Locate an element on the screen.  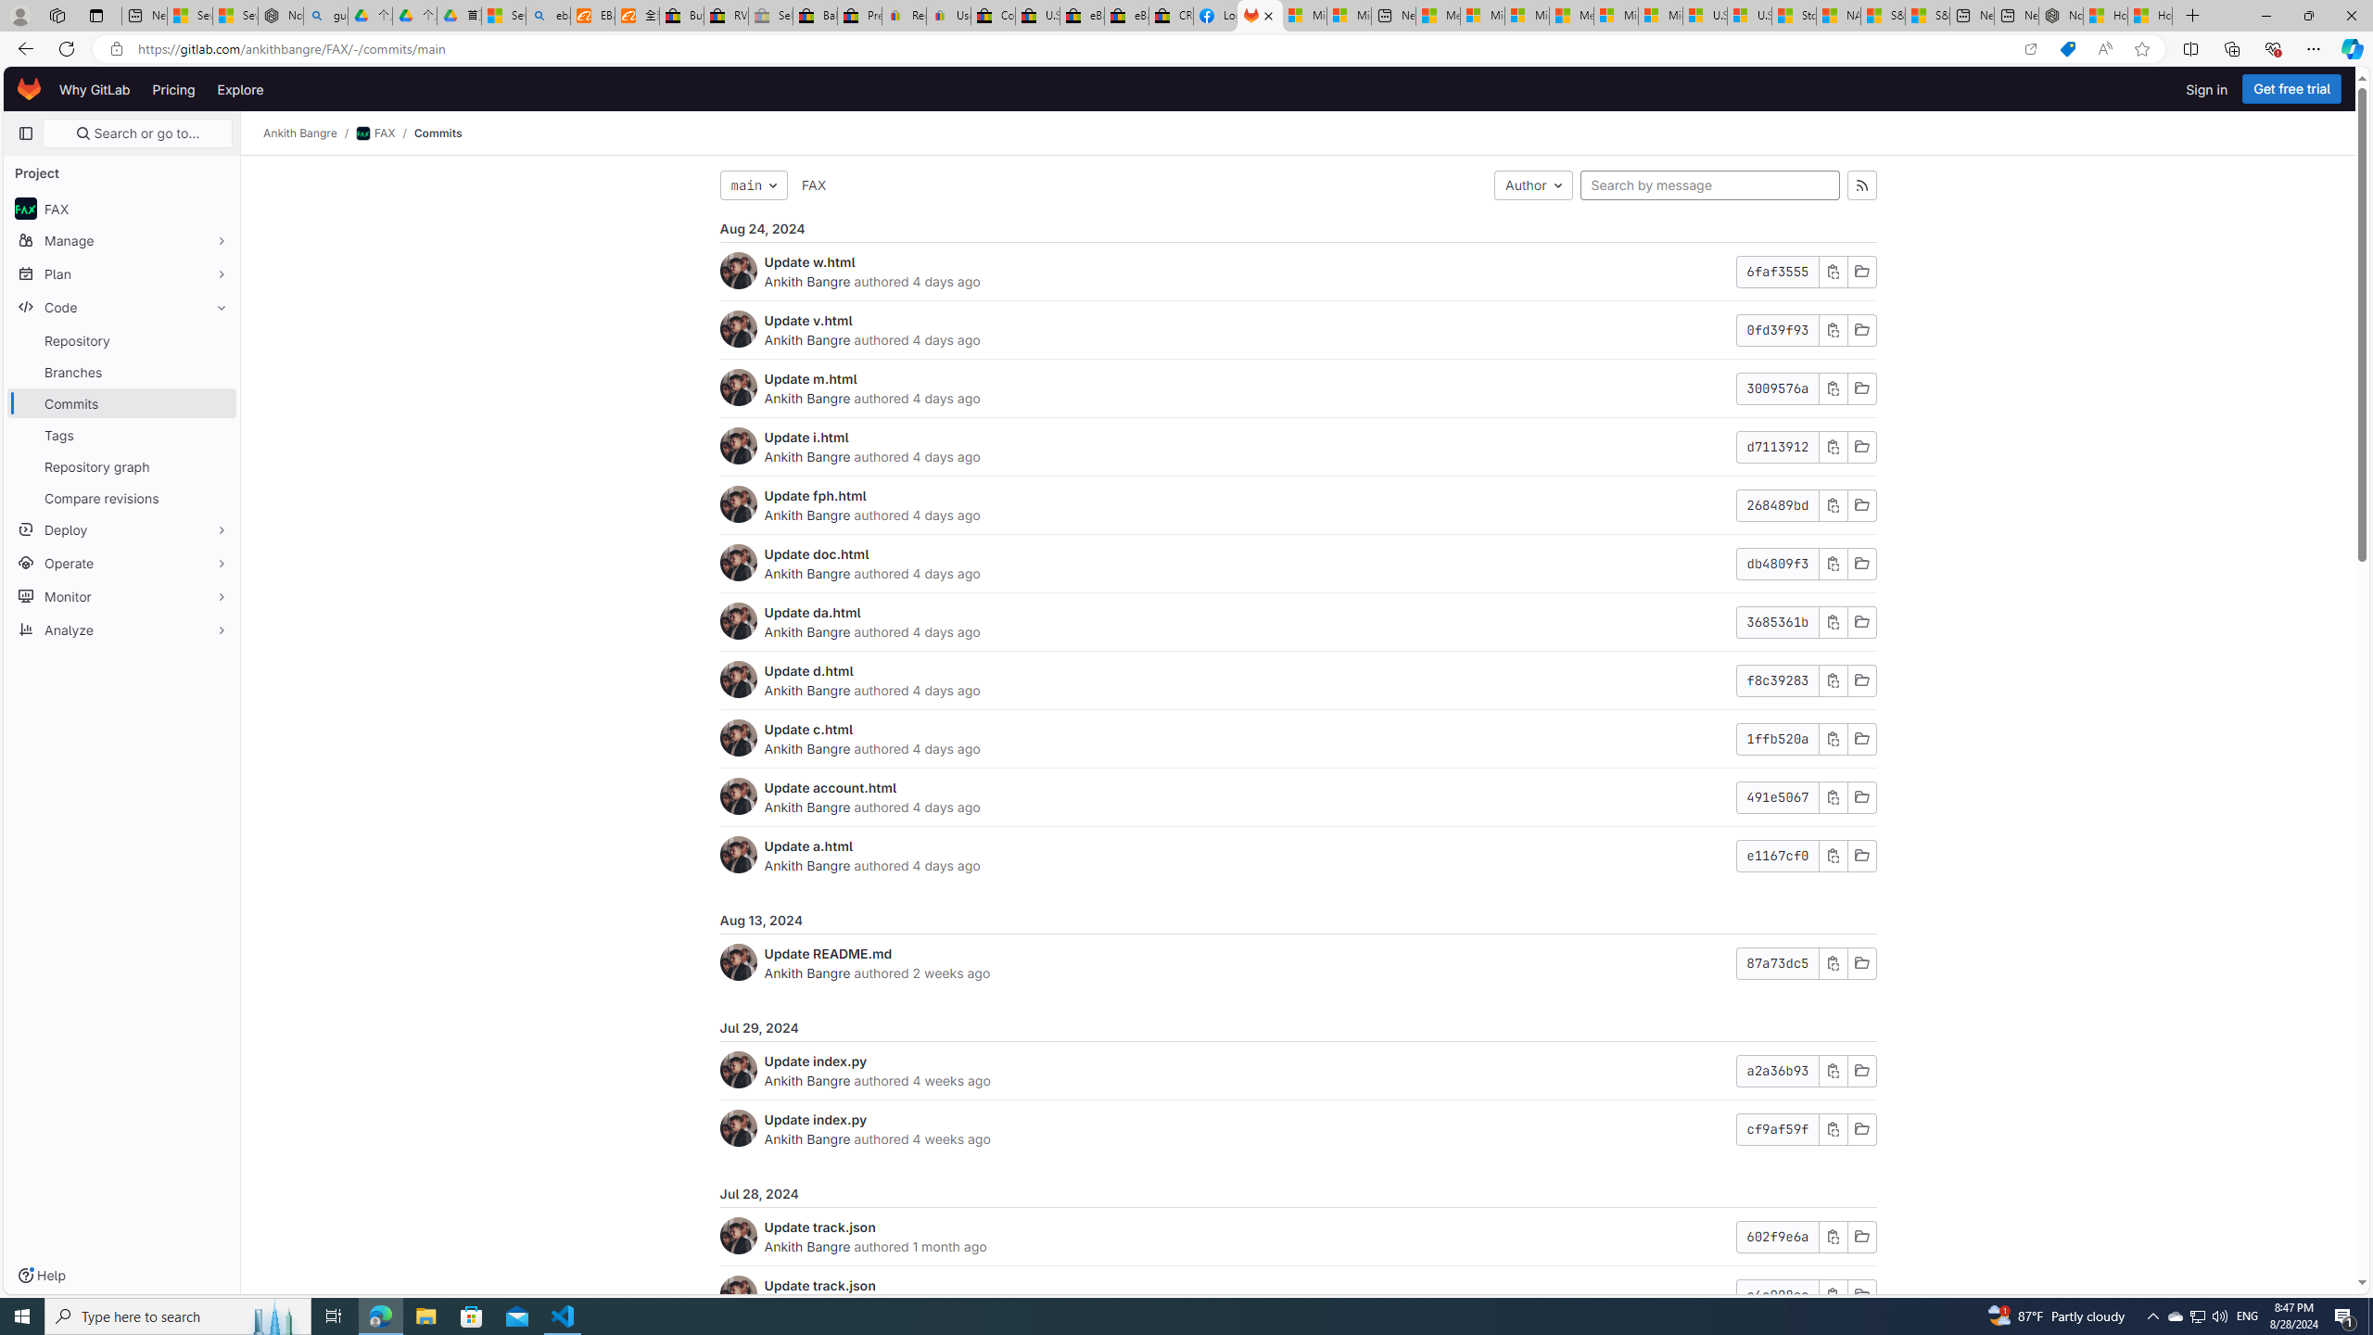
'Update fph.html' is located at coordinates (815, 494).